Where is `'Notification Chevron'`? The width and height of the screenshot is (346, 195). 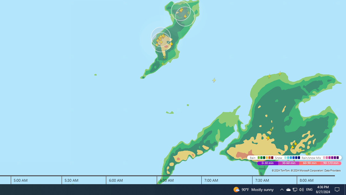
'Notification Chevron' is located at coordinates (288, 189).